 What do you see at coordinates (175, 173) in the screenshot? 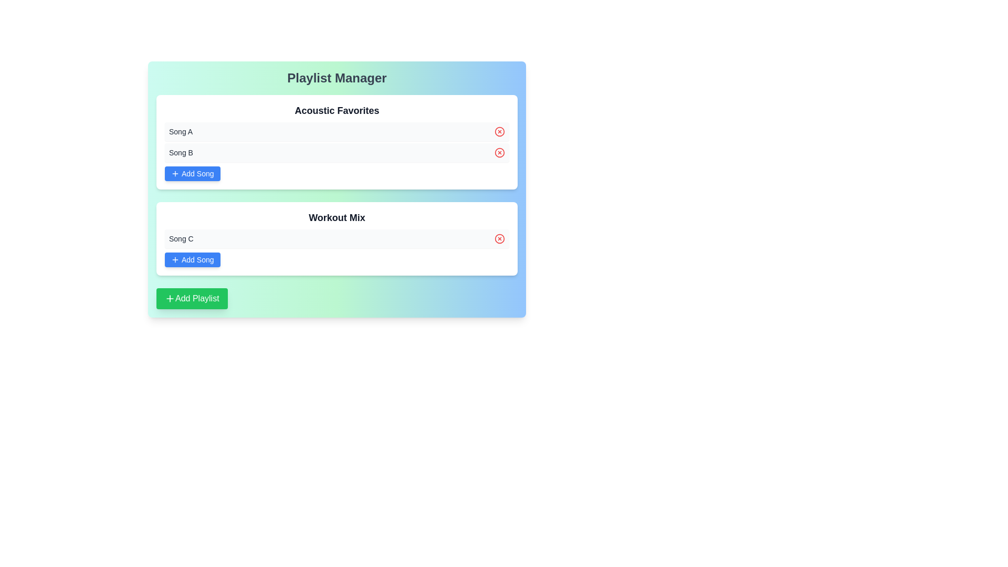
I see `the 'Add Song' button, which contains a small plus icon on the left side` at bounding box center [175, 173].